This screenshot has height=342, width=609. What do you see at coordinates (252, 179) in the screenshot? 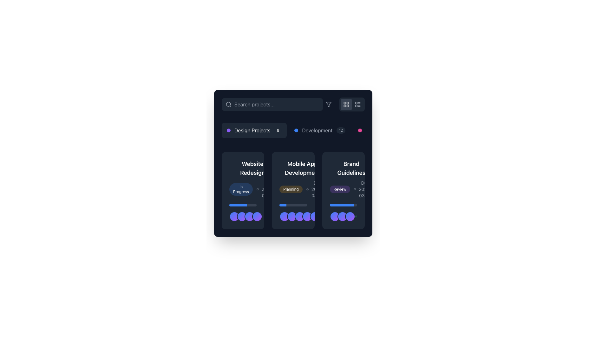
I see `the project card titled 'Website Redesign In Progress Due 2024-03-15'` at bounding box center [252, 179].